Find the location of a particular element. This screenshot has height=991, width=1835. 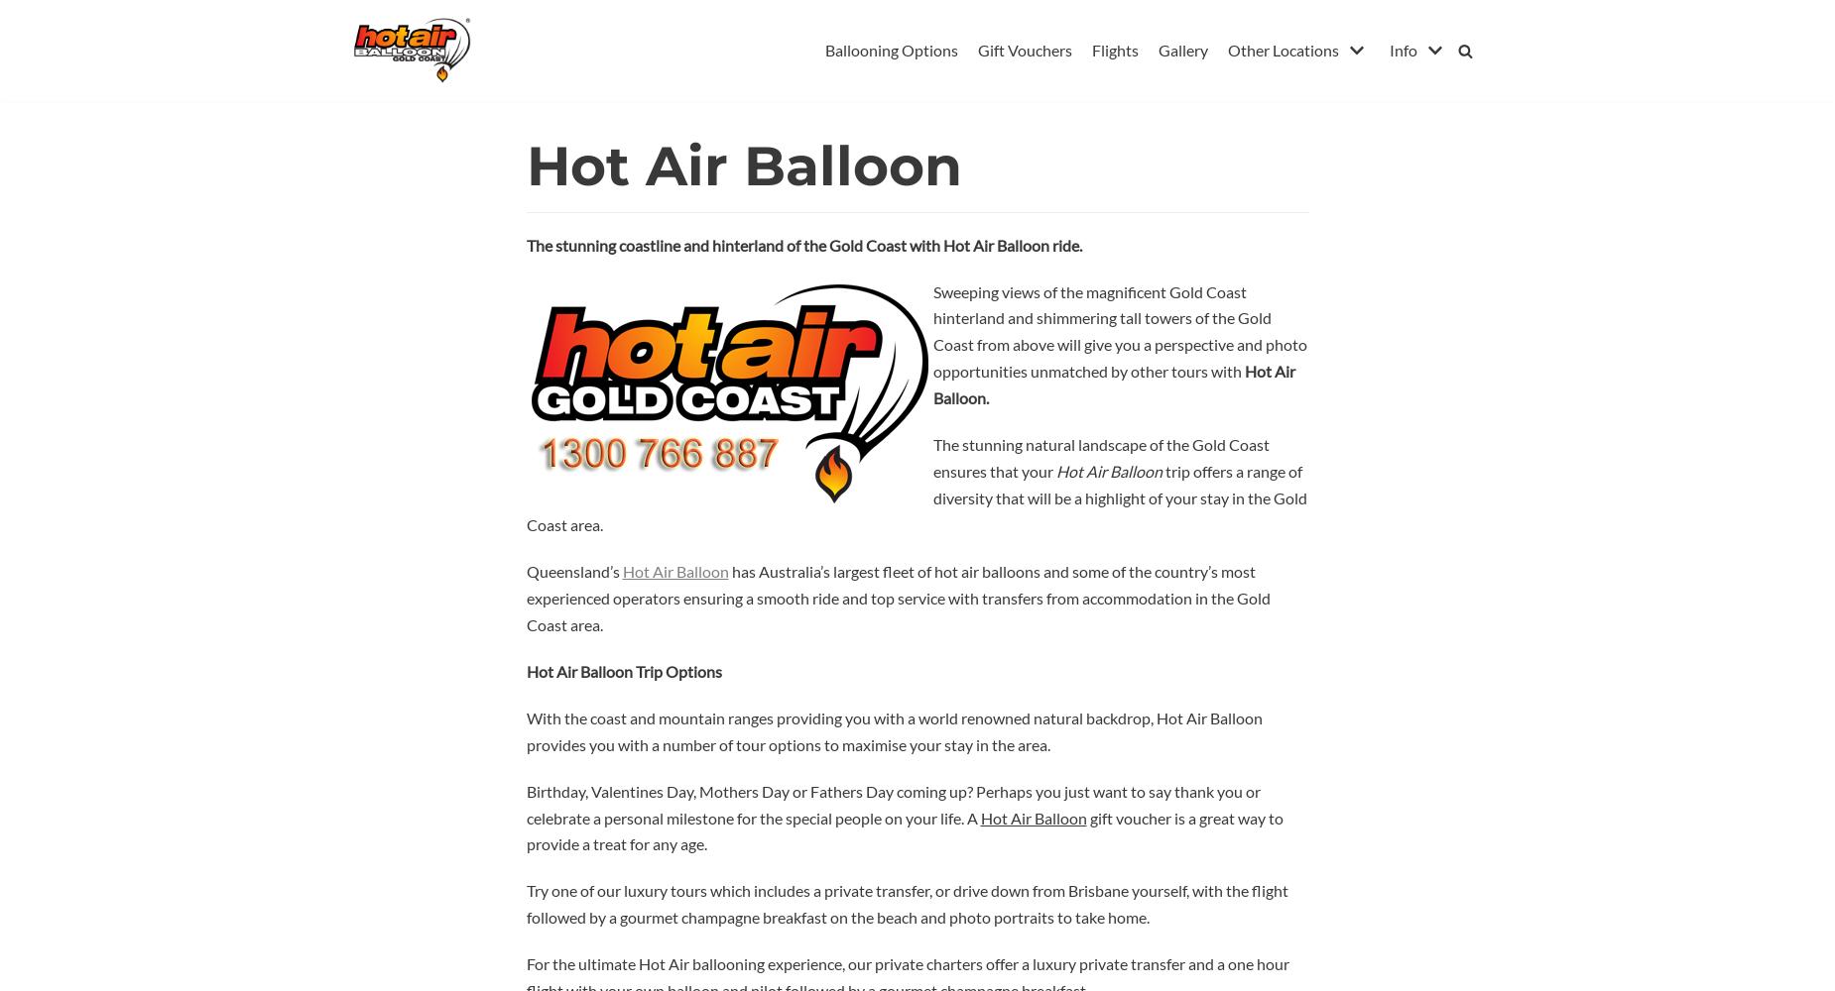

'Gallery' is located at coordinates (1182, 50).